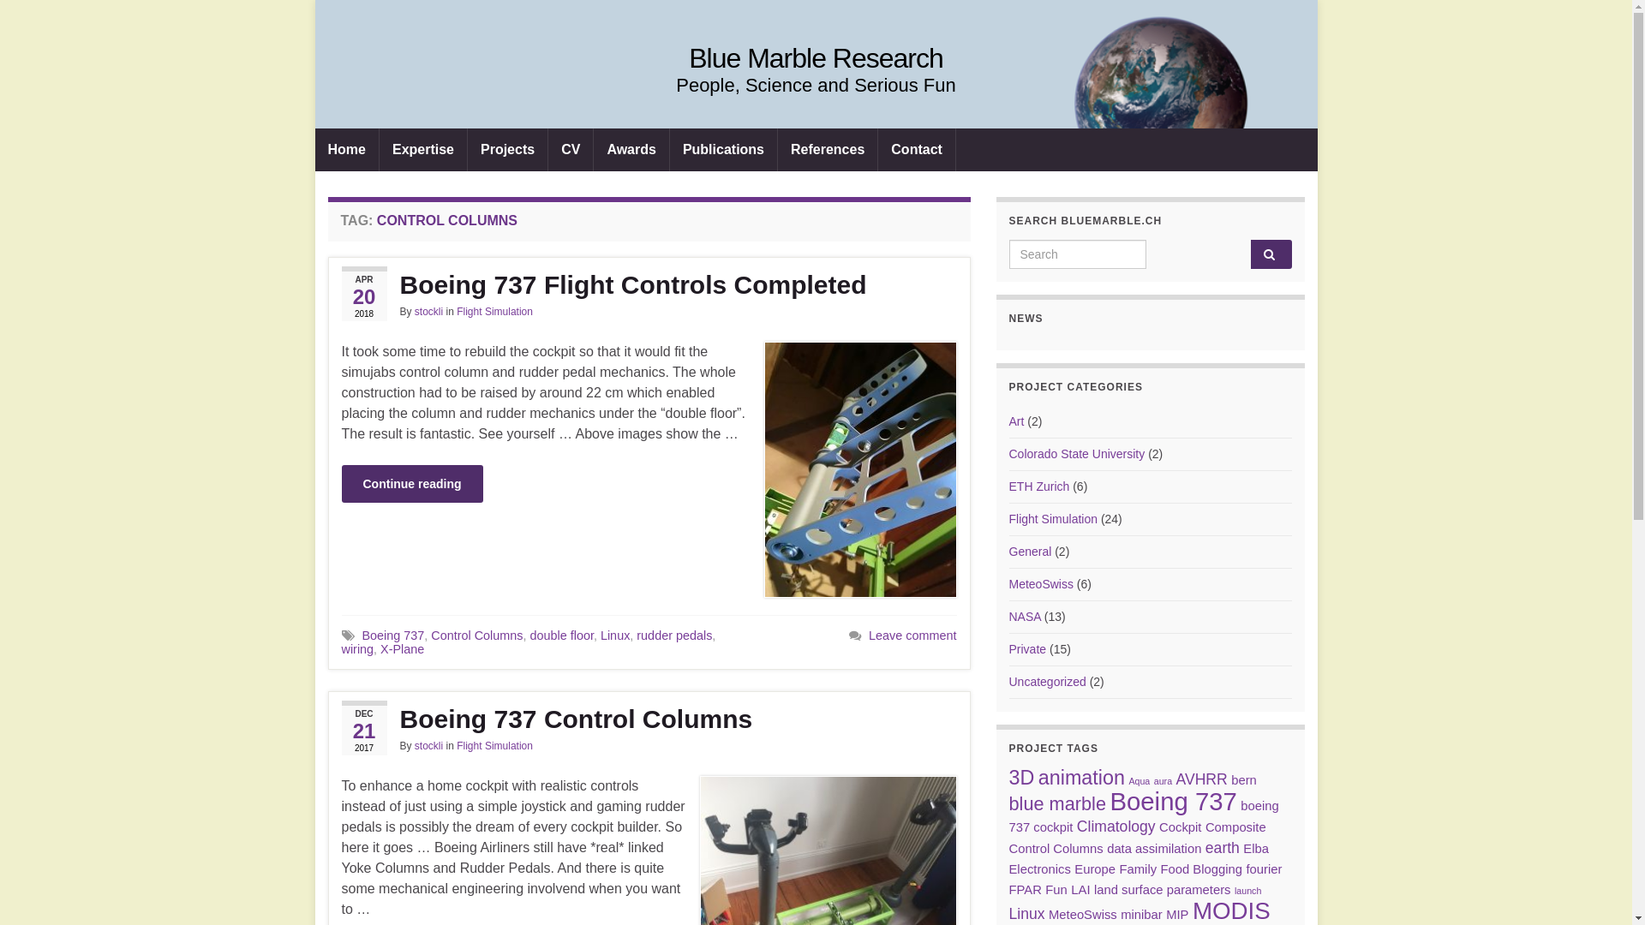  What do you see at coordinates (1056, 803) in the screenshot?
I see `'blue marble'` at bounding box center [1056, 803].